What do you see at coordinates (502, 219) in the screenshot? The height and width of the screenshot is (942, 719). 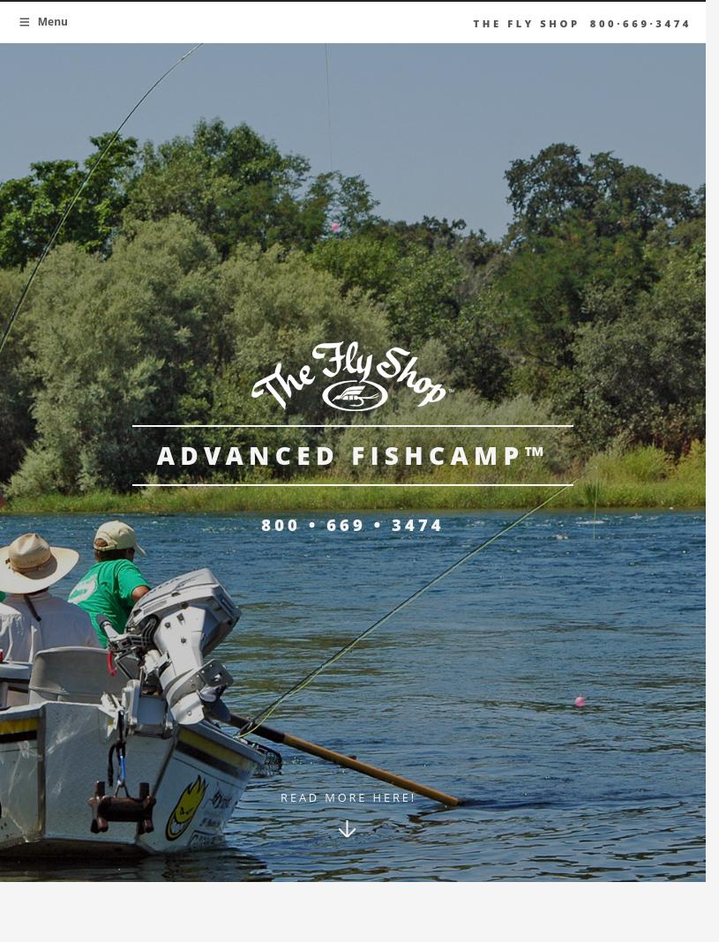 I see `'TFS Publications'` at bounding box center [502, 219].